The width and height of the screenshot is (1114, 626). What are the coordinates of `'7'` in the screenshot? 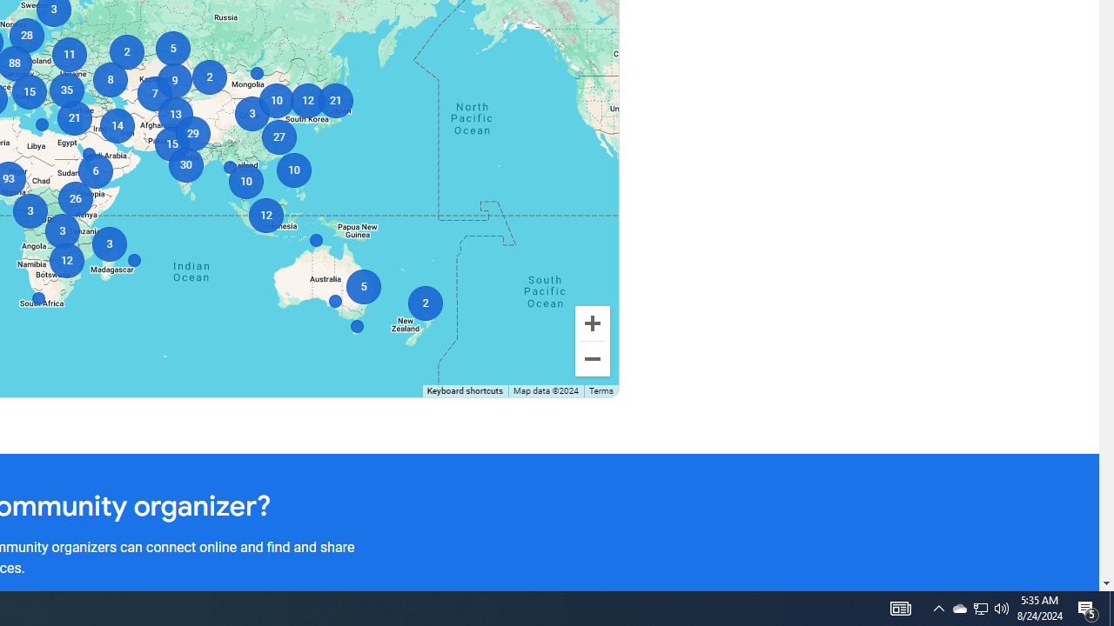 It's located at (154, 94).